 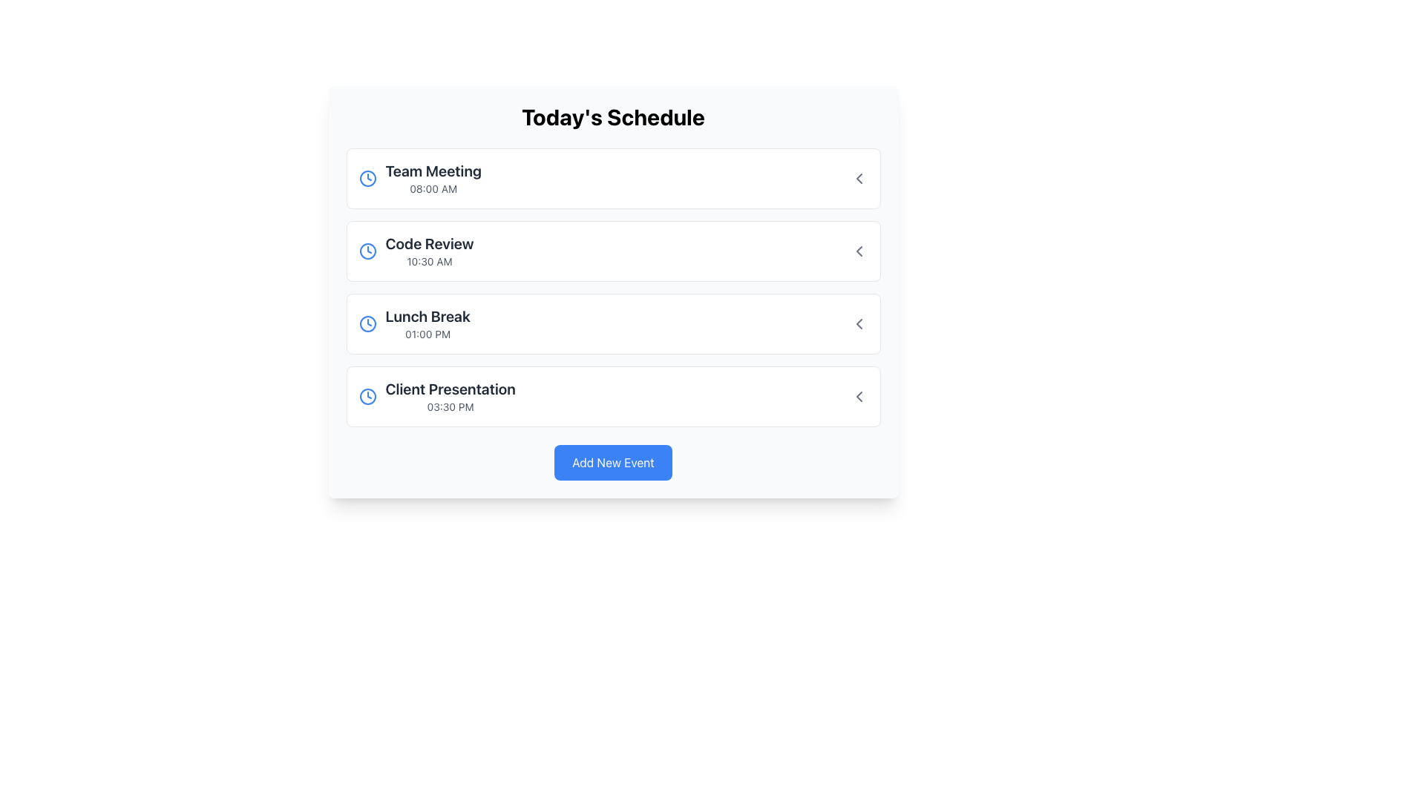 I want to click on the surrounding interactive component associated with the time displayed in the 'Code Review' event, located beneath the title and to the right of the blue event icon, so click(x=429, y=261).